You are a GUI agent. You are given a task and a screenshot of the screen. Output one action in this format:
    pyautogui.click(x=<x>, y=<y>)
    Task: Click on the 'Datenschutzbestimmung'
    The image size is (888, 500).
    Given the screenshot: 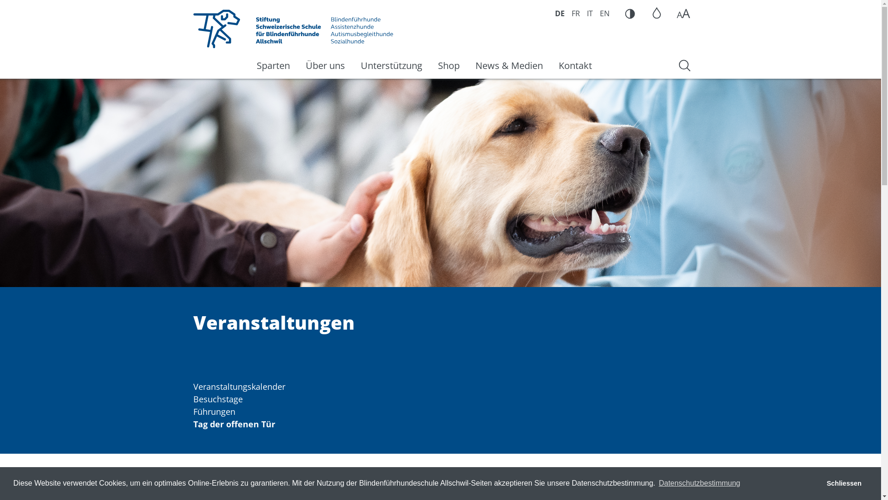 What is the action you would take?
    pyautogui.click(x=699, y=483)
    